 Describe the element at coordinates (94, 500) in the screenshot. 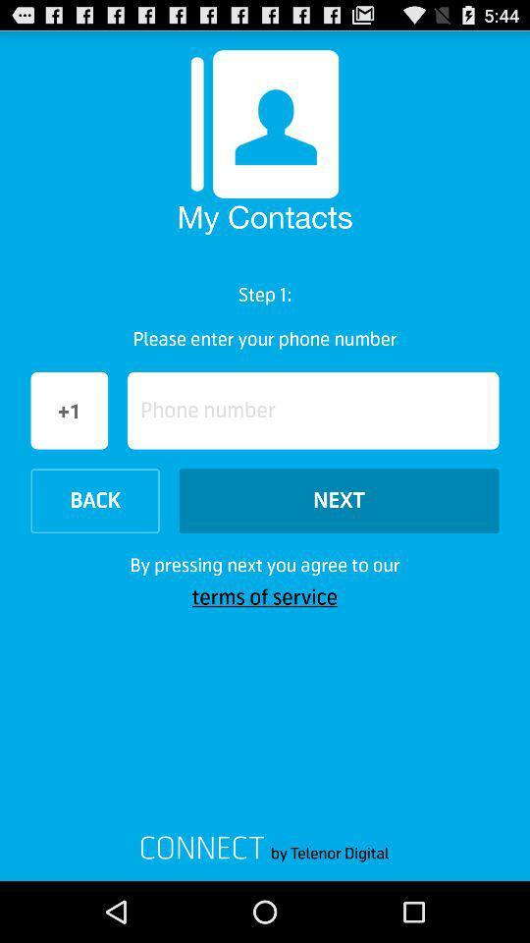

I see `icon above by pressing next` at that location.